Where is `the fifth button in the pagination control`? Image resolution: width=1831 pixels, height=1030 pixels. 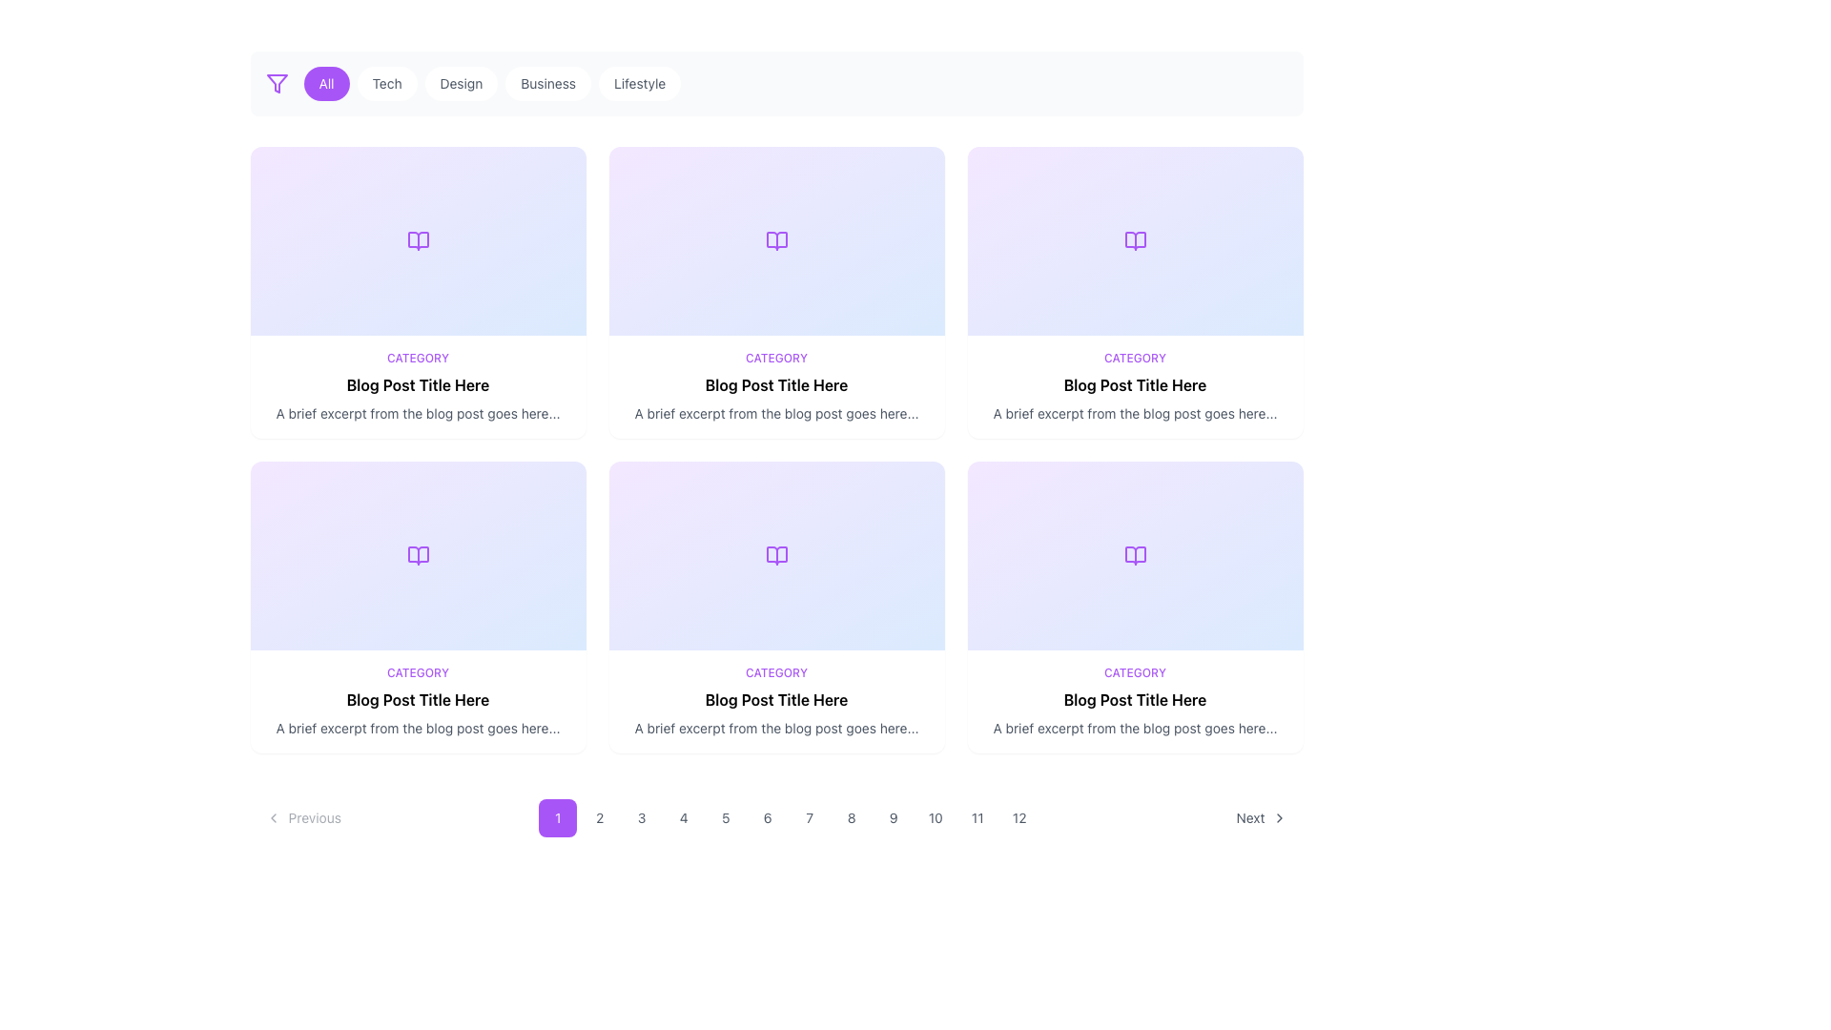
the fifth button in the pagination control is located at coordinates (725, 816).